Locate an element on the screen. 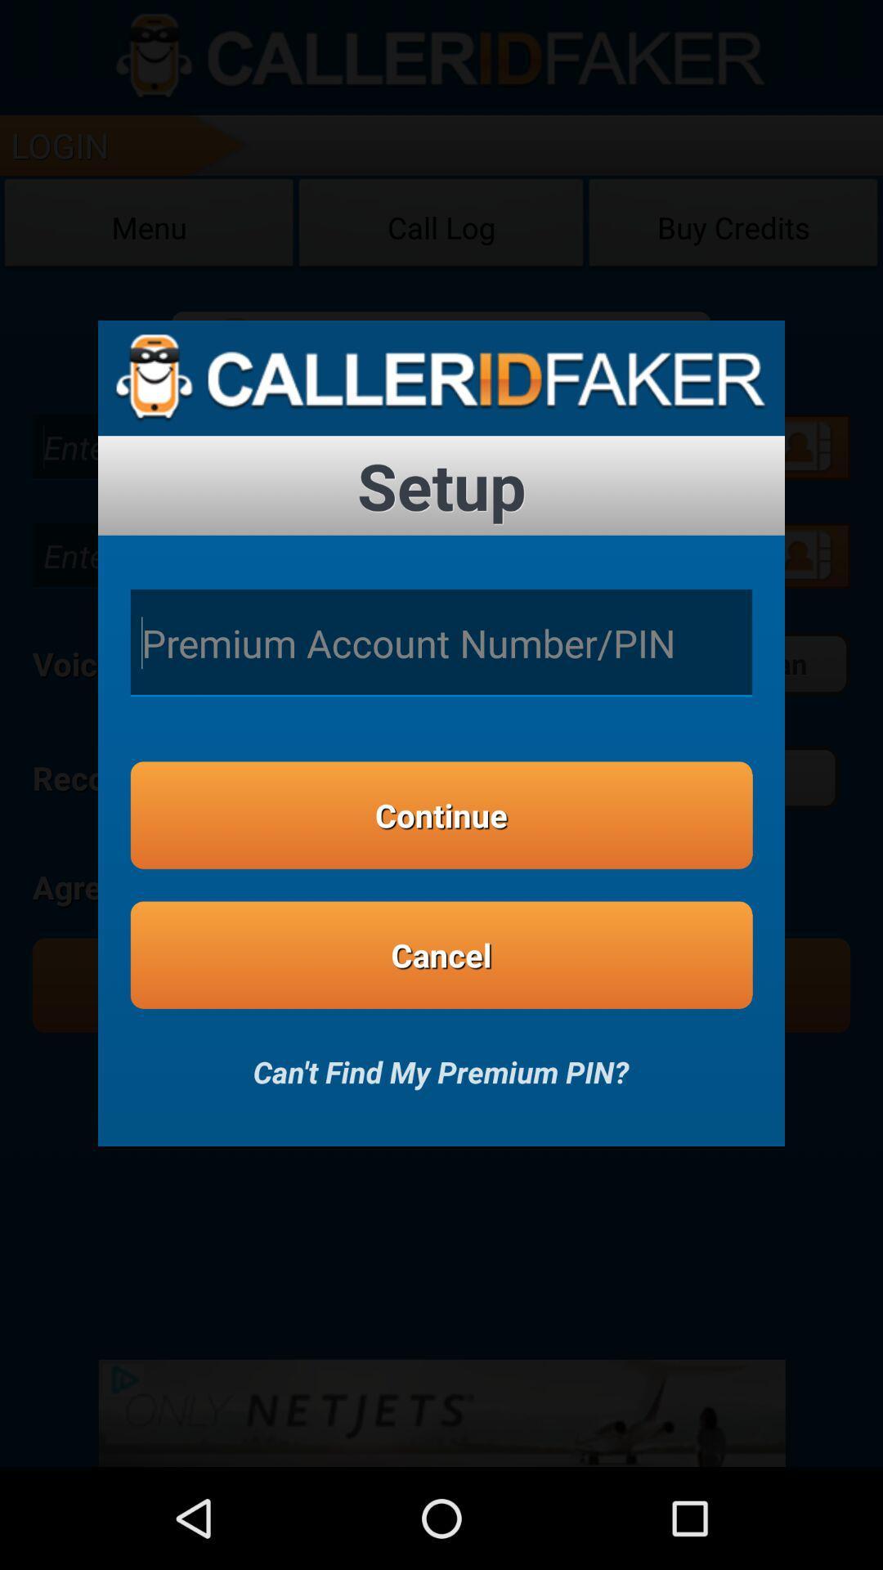  icon at the bottom is located at coordinates (440, 1061).